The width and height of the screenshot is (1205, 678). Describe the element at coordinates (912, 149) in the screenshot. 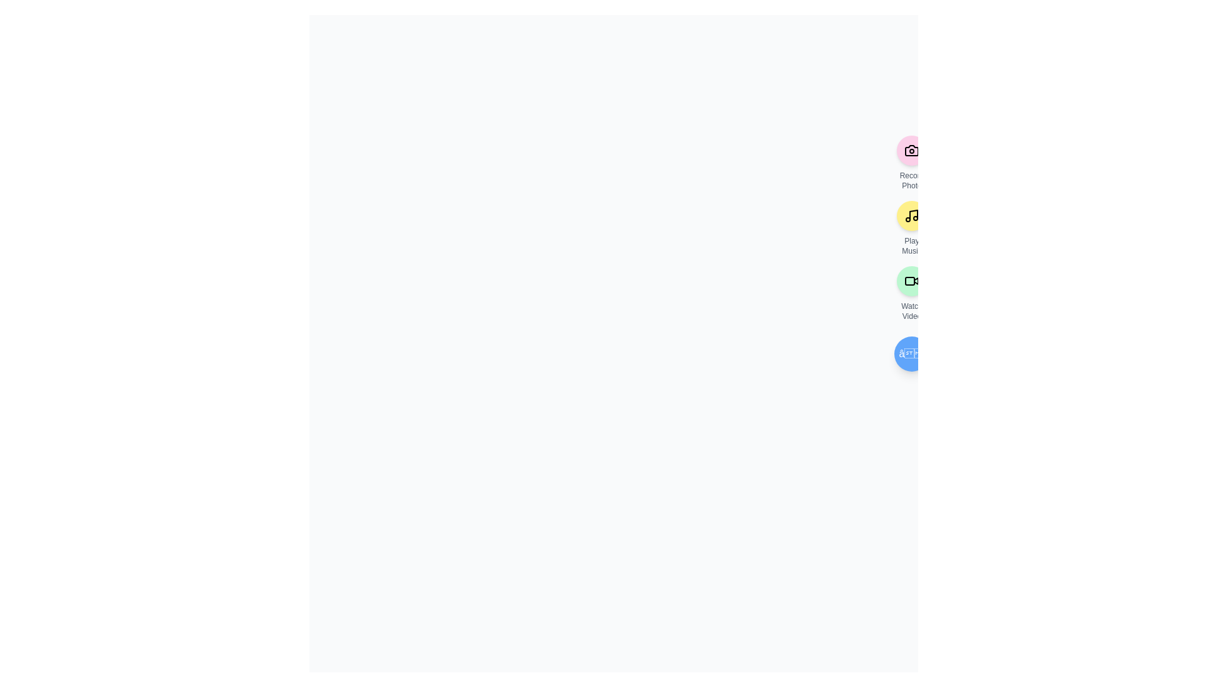

I see `'Record Photo' button to initiate photo recording` at that location.